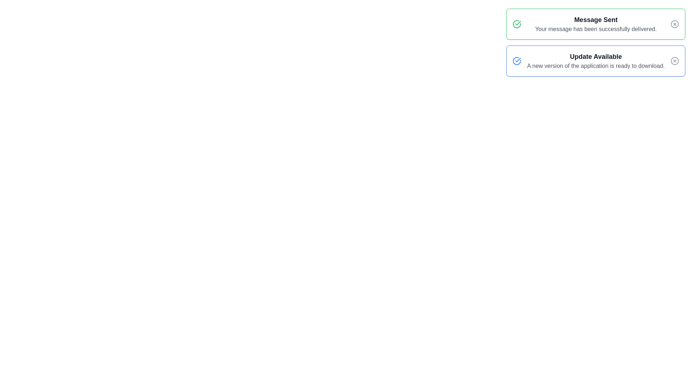  I want to click on the close button of the notification titled 'Message Sent', so click(674, 23).